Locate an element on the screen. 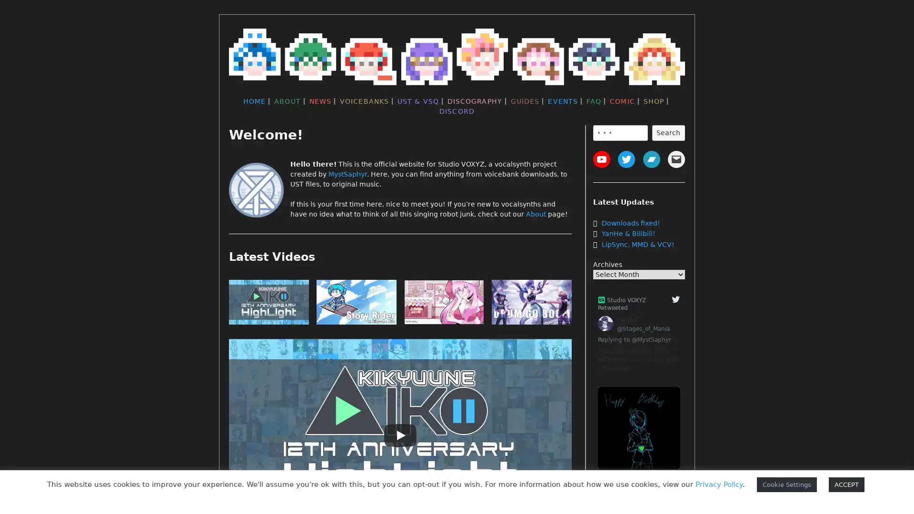 The height and width of the screenshot is (514, 914). play is located at coordinates (443, 304).